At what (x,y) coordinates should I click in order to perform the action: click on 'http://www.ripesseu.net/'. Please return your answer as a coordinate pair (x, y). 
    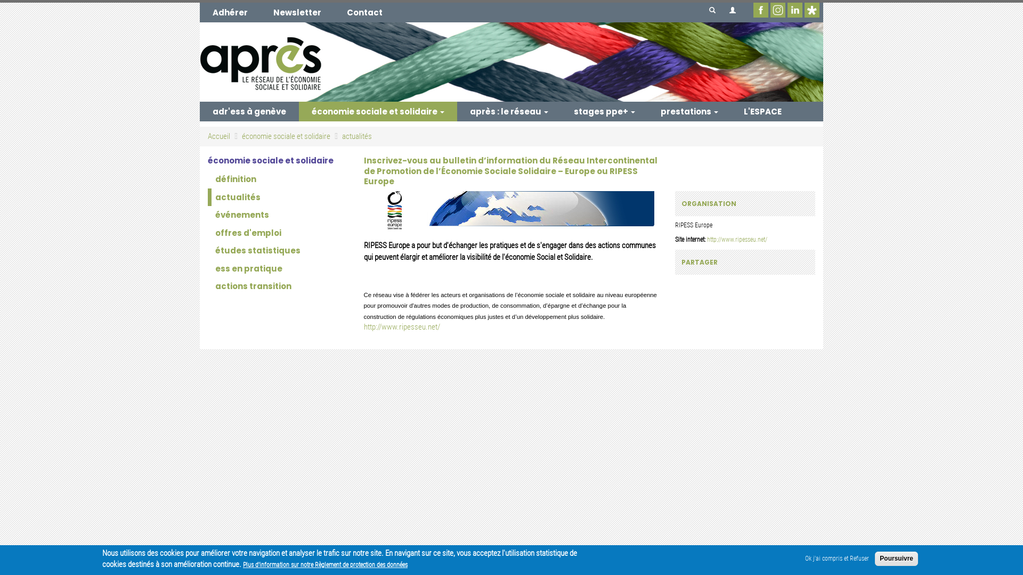
    Looking at the image, I should click on (363, 326).